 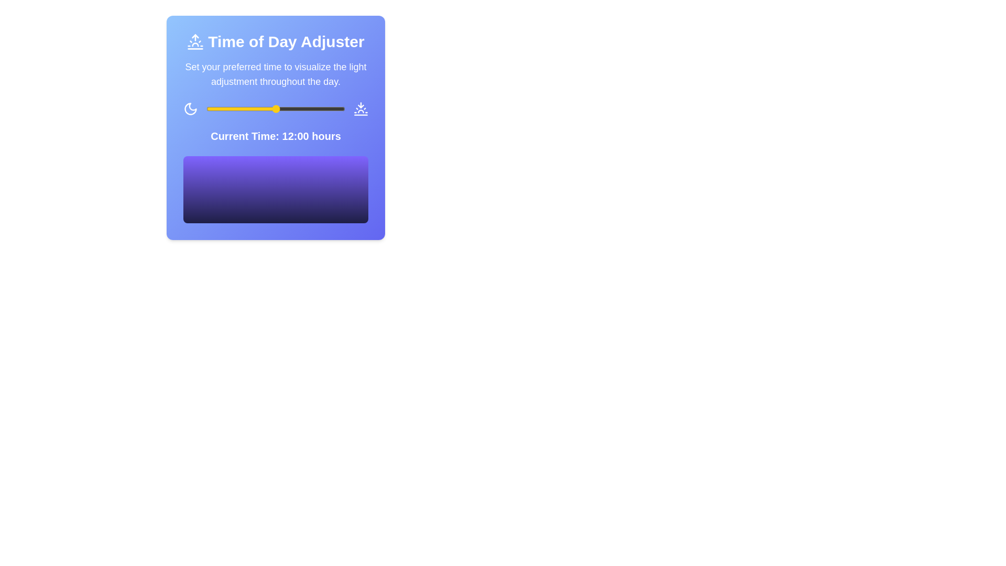 What do you see at coordinates (246, 109) in the screenshot?
I see `the time slider to set the time to 7 hours` at bounding box center [246, 109].